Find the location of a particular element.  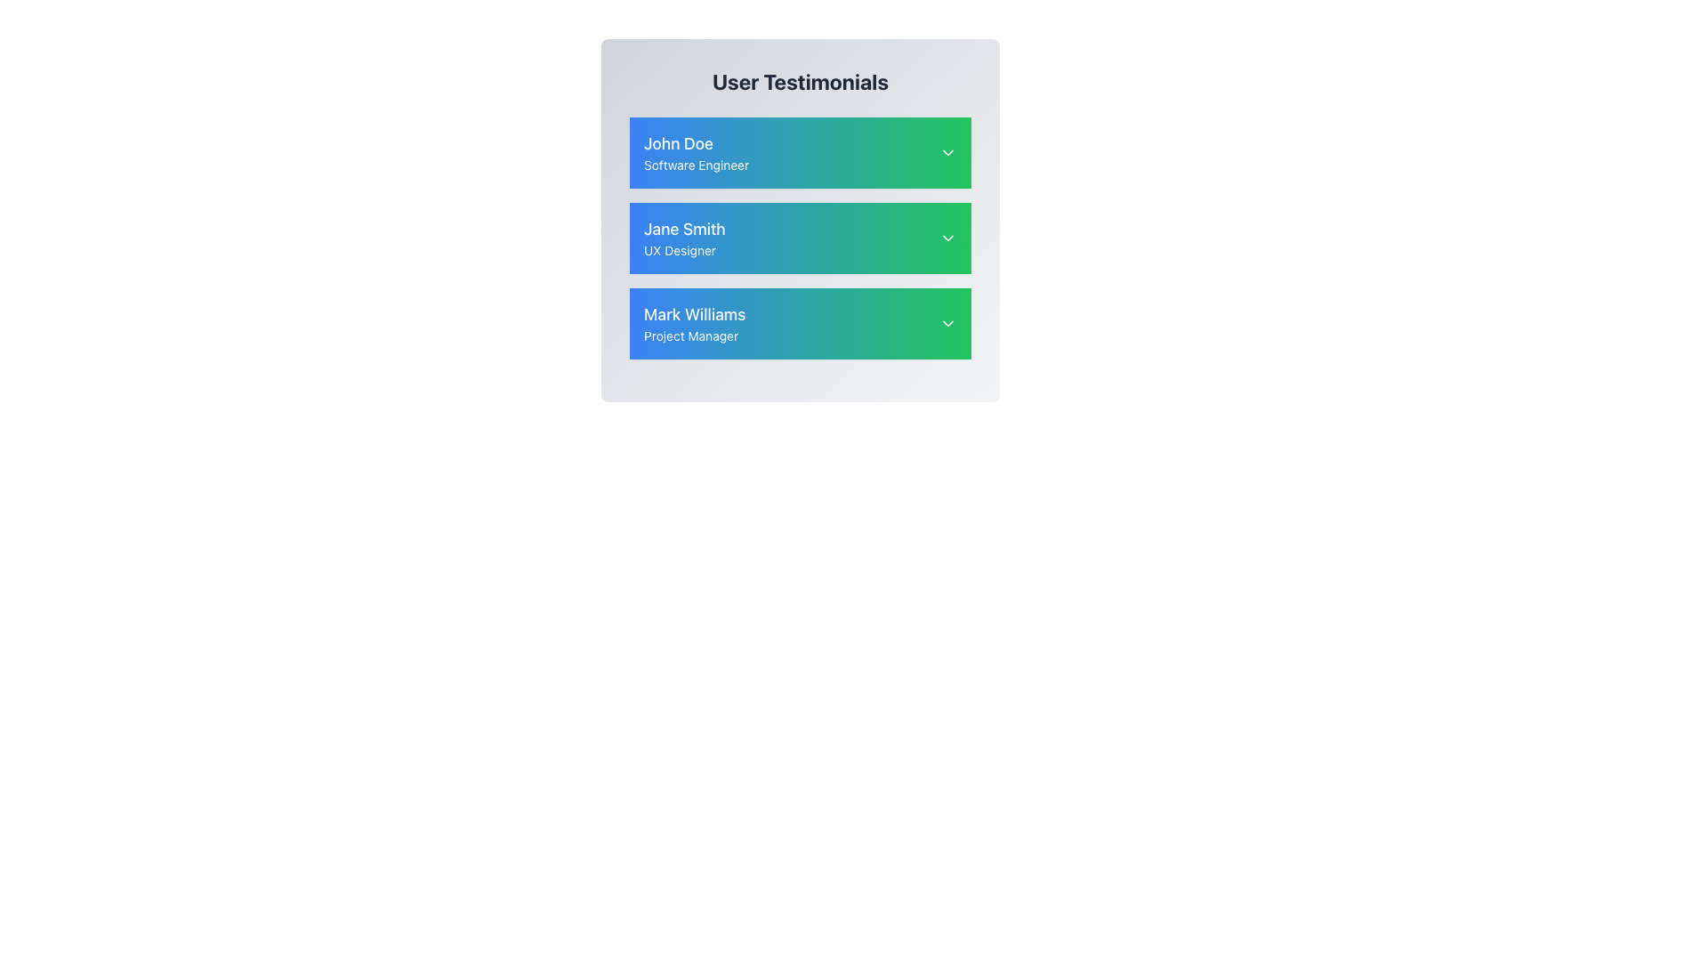

the chevron icon located at the far-right side of the user card displaying 'John Doe' is located at coordinates (947, 152).